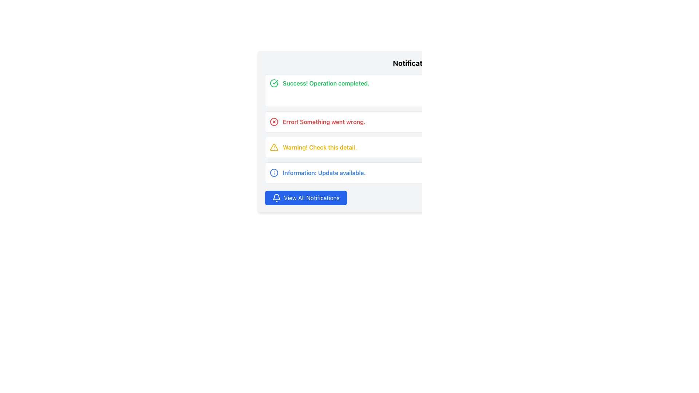 The height and width of the screenshot is (393, 699). I want to click on the notifications button located at the lower section of the notification panel, so click(306, 198).